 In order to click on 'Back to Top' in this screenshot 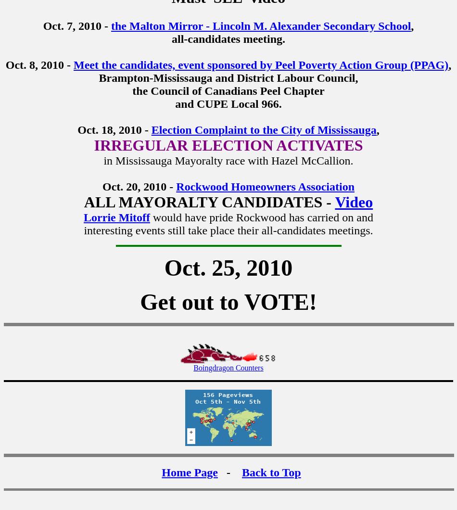, I will do `click(271, 472)`.